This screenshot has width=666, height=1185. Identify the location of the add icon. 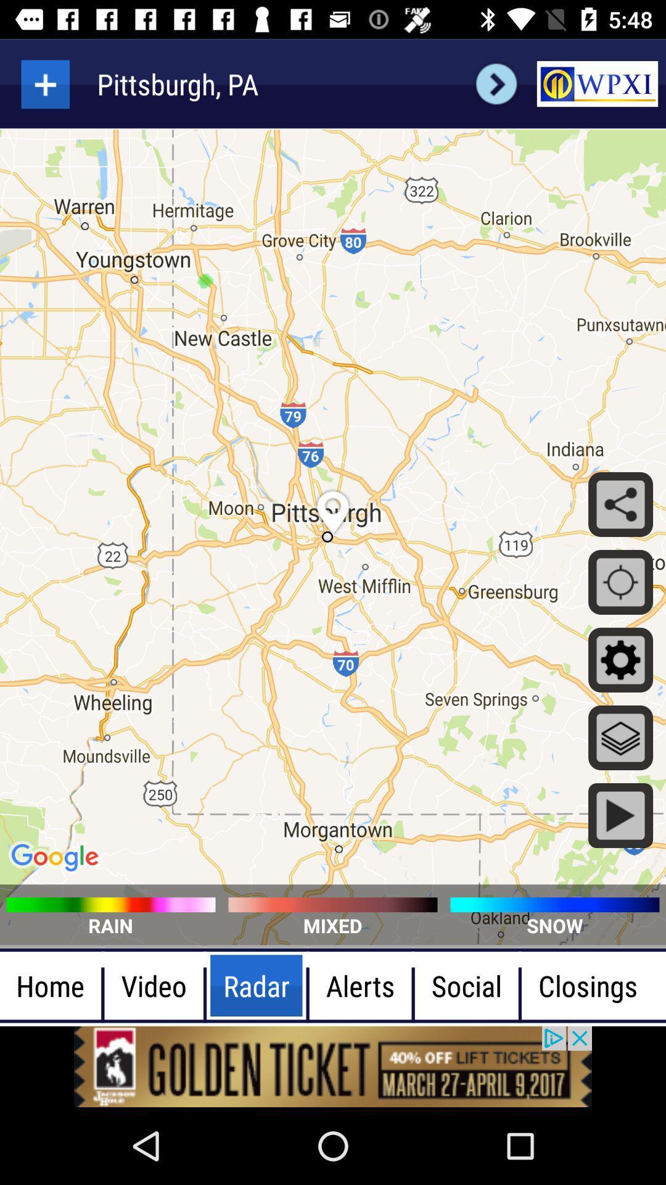
(44, 83).